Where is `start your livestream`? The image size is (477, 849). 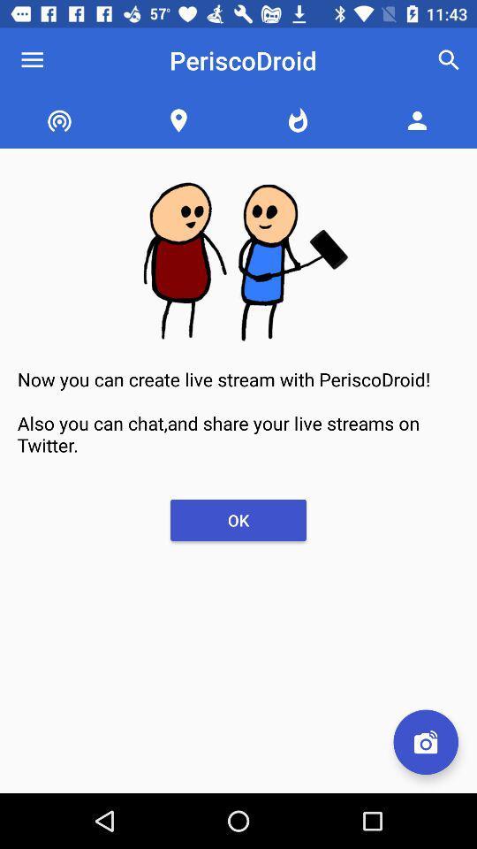 start your livestream is located at coordinates (425, 742).